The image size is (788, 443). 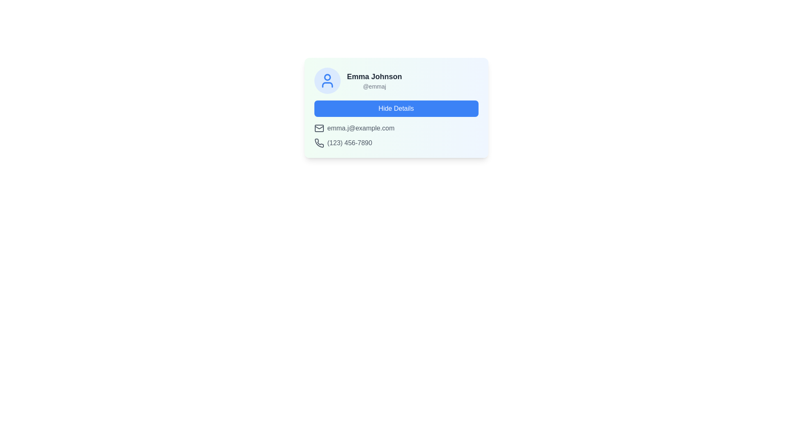 I want to click on the telephone receiver icon with a dark gray stroke, positioned to the left of the phone number '(123) 456-7890' in the contact detail card, so click(x=318, y=142).